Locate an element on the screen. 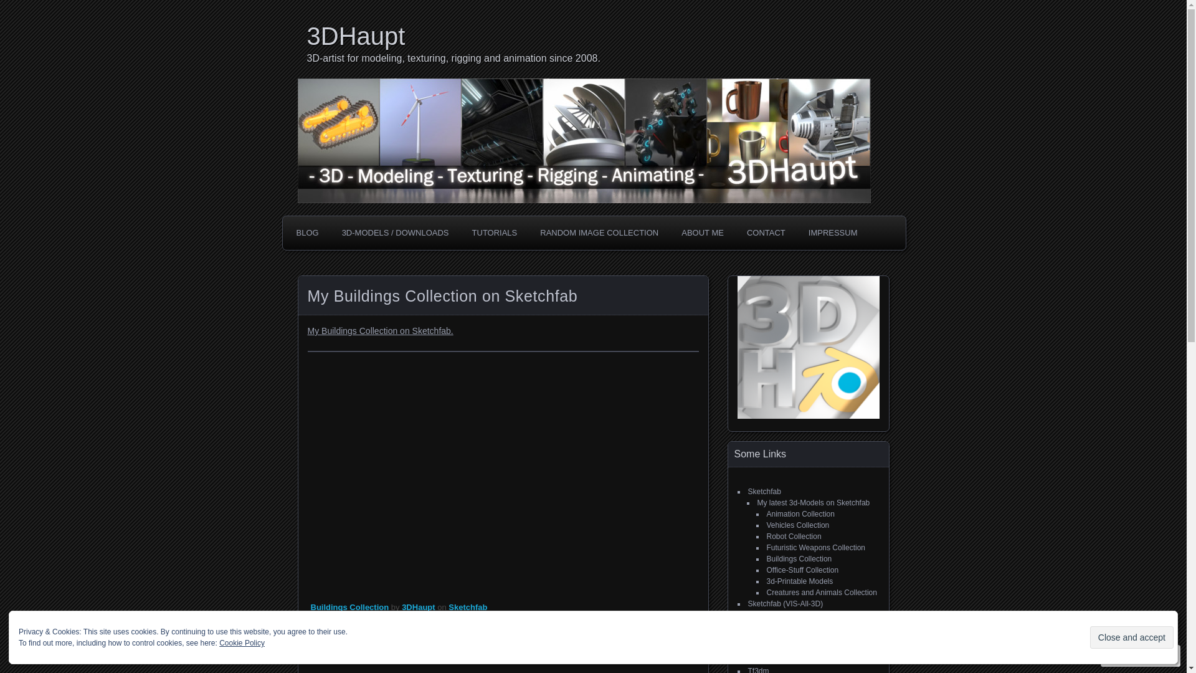 Image resolution: width=1196 pixels, height=673 pixels. 'CGTrader' is located at coordinates (763, 614).